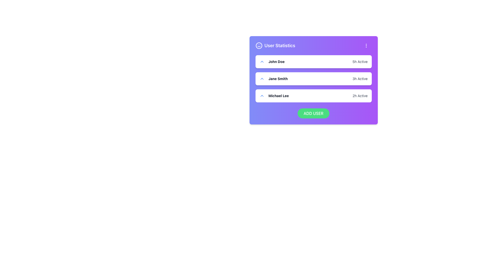 This screenshot has height=271, width=481. I want to click on the chevron-shaped arrow icon with a blue outline, so click(262, 96).